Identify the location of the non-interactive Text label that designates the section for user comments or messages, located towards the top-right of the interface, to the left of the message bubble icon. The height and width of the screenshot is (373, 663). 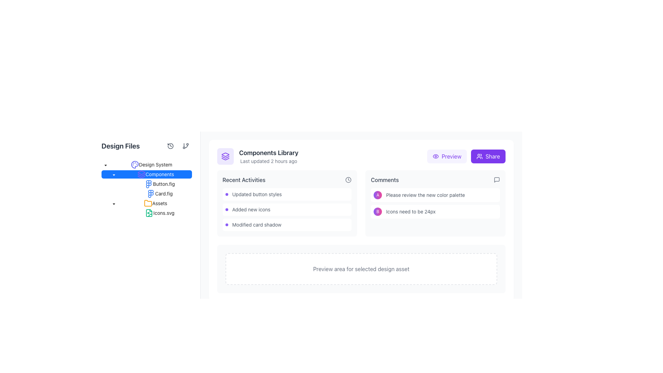
(384, 179).